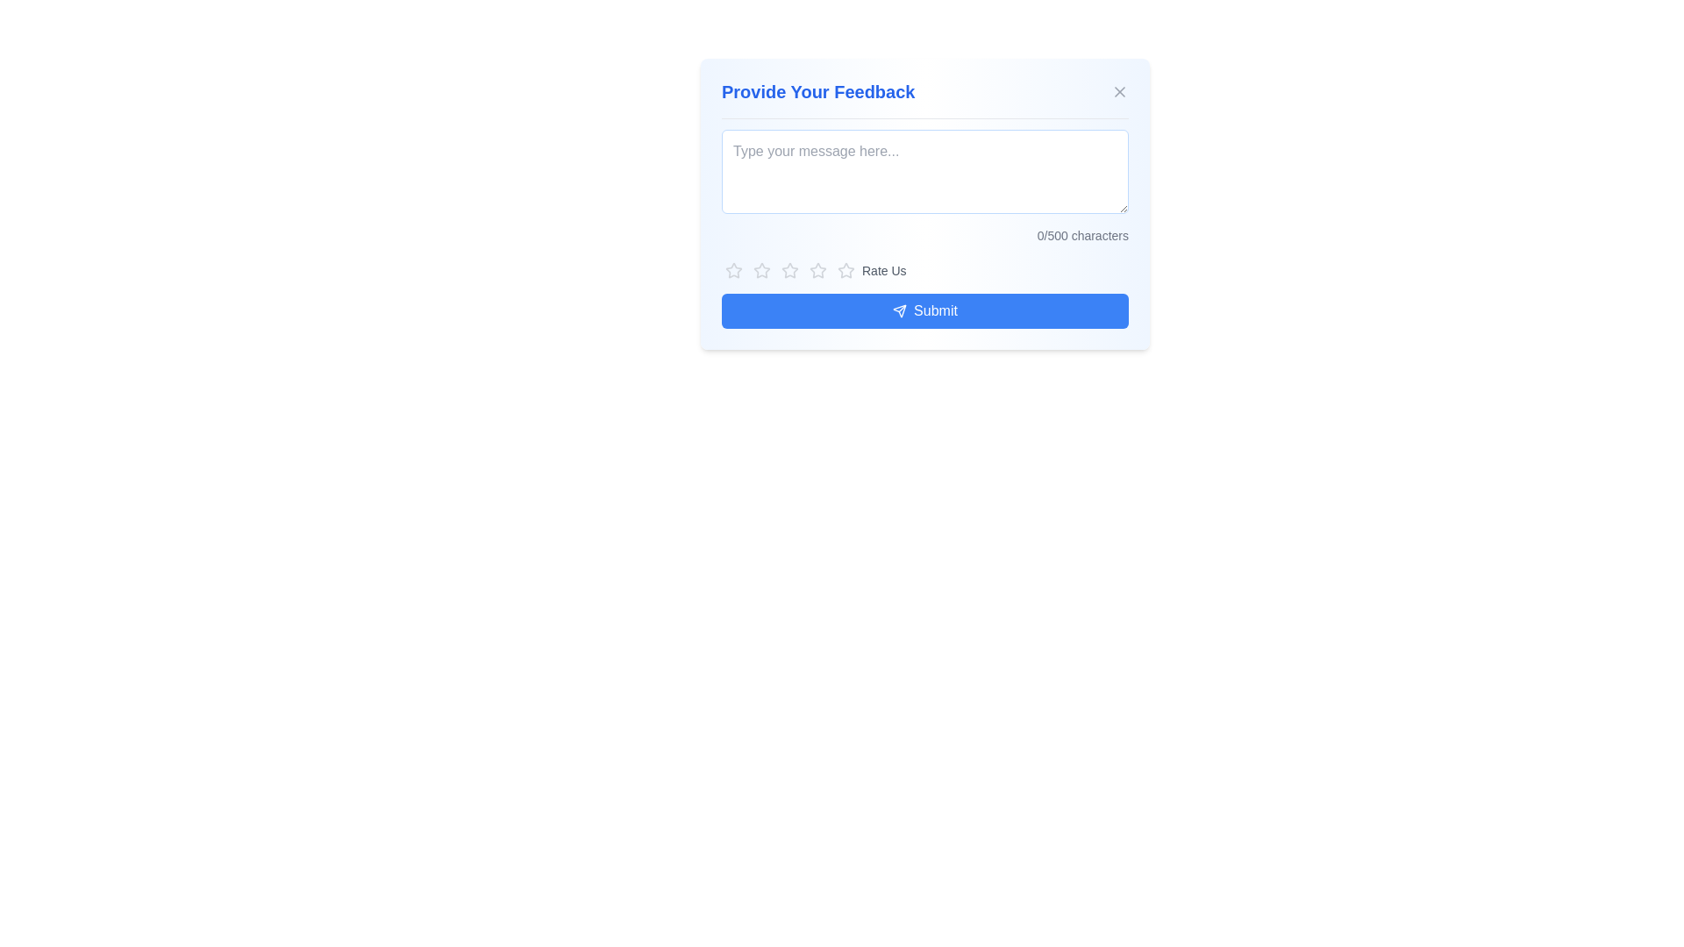  Describe the element at coordinates (1118, 91) in the screenshot. I see `the small gray 'X' button in the upper-right corner of the feedback form header` at that location.